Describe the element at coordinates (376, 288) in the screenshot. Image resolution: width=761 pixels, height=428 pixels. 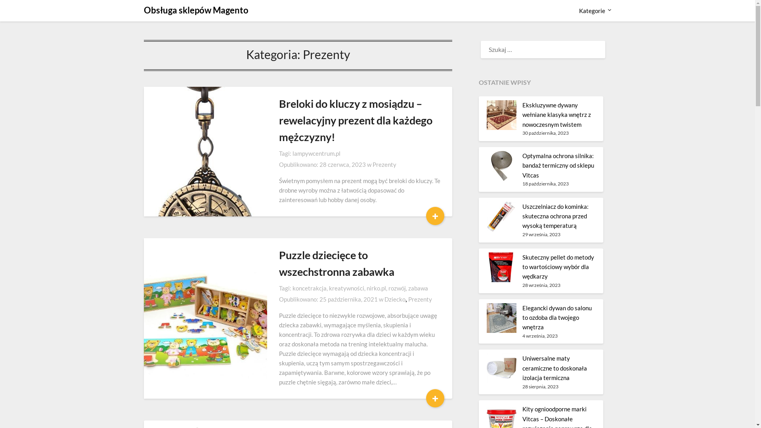
I see `'nirko.pl'` at that location.